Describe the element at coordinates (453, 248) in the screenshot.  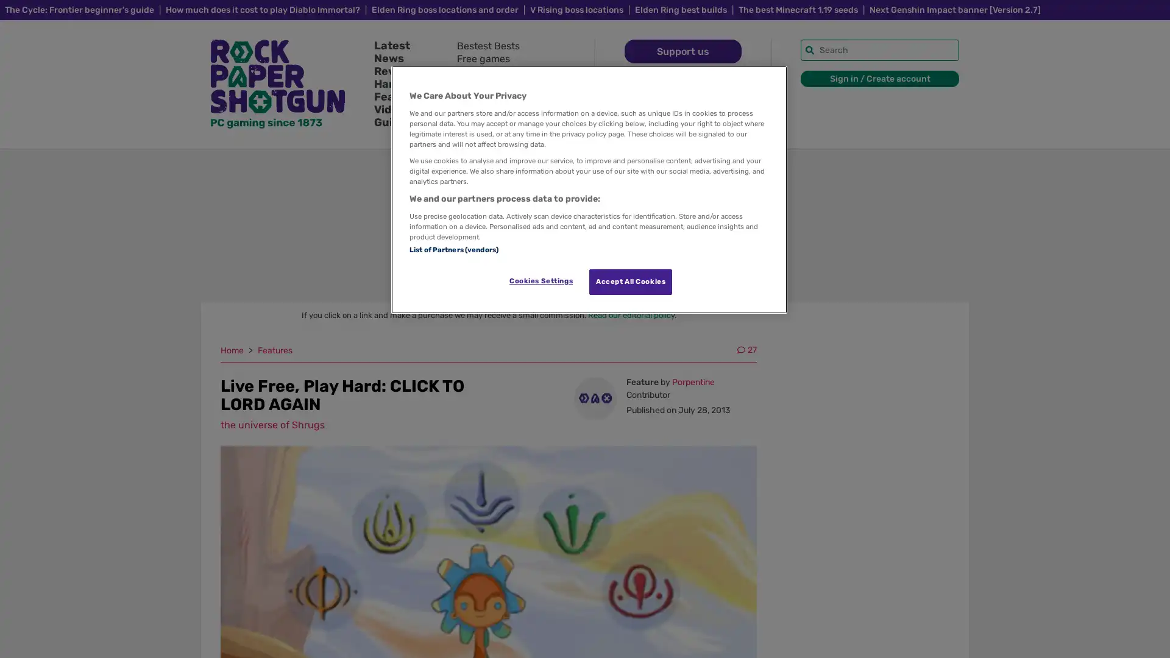
I see `List of Partners (vendors)` at that location.